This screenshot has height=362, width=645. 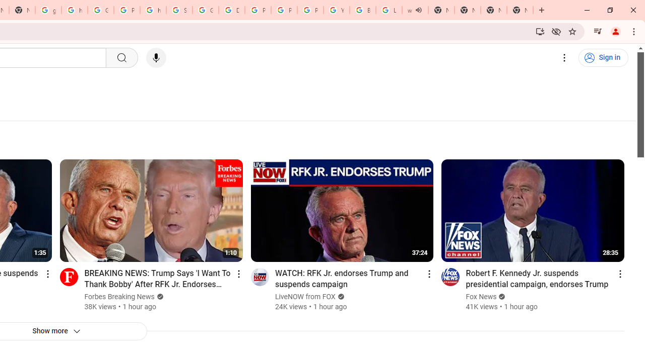 What do you see at coordinates (74, 10) in the screenshot?
I see `'https://scholar.google.com/'` at bounding box center [74, 10].